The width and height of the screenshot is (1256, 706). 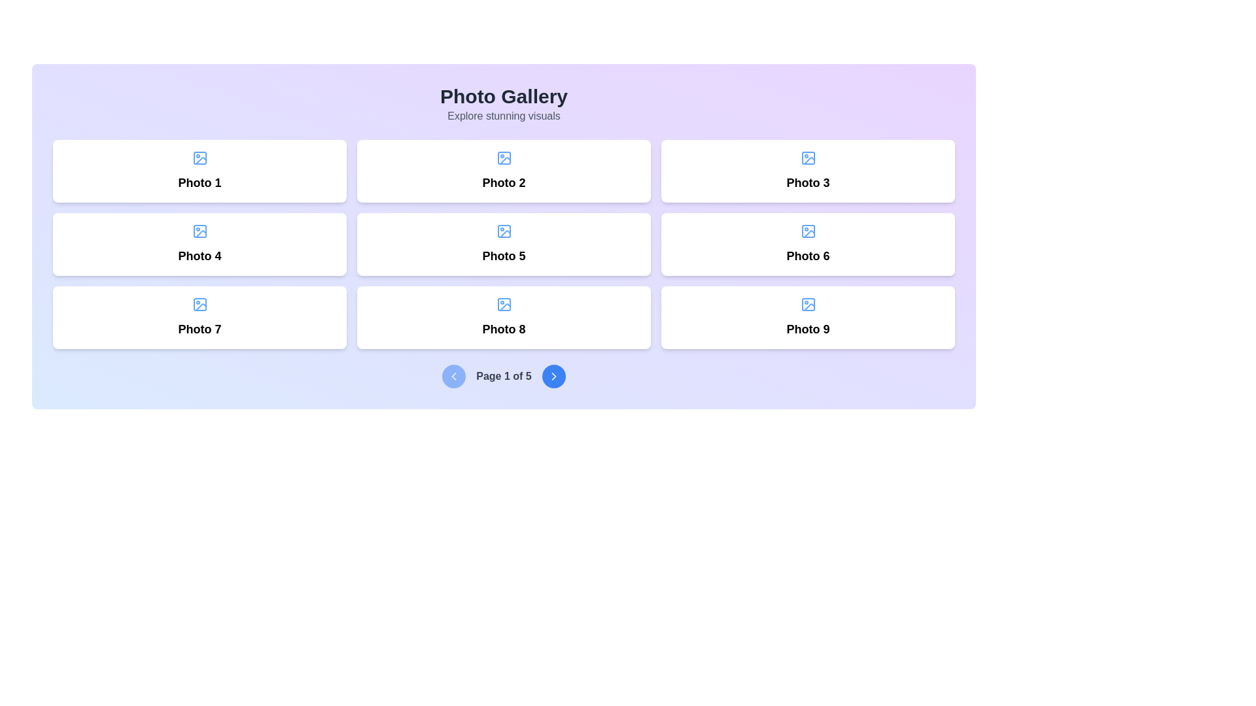 What do you see at coordinates (807, 305) in the screenshot?
I see `the photograph icon located centrally within the 'Photo 9' card` at bounding box center [807, 305].